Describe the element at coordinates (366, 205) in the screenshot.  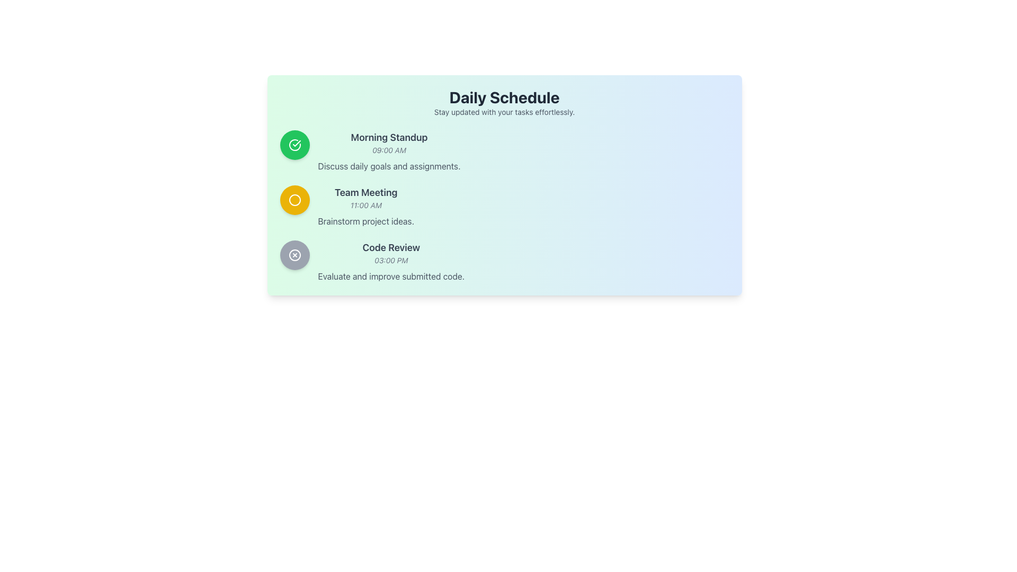
I see `the static text element that indicates the time designation for the associated activity, which is located below 'Team Meeting' and above 'Brainstorm project ideas.'` at that location.